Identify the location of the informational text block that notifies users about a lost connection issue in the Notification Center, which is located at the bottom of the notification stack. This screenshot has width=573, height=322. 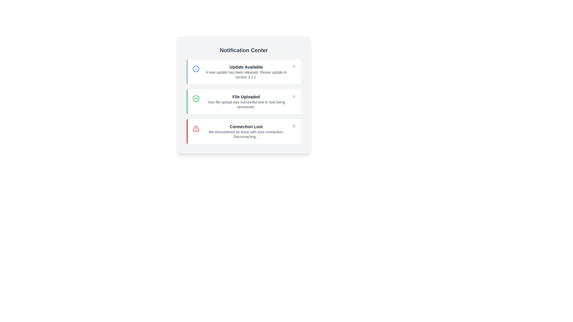
(246, 131).